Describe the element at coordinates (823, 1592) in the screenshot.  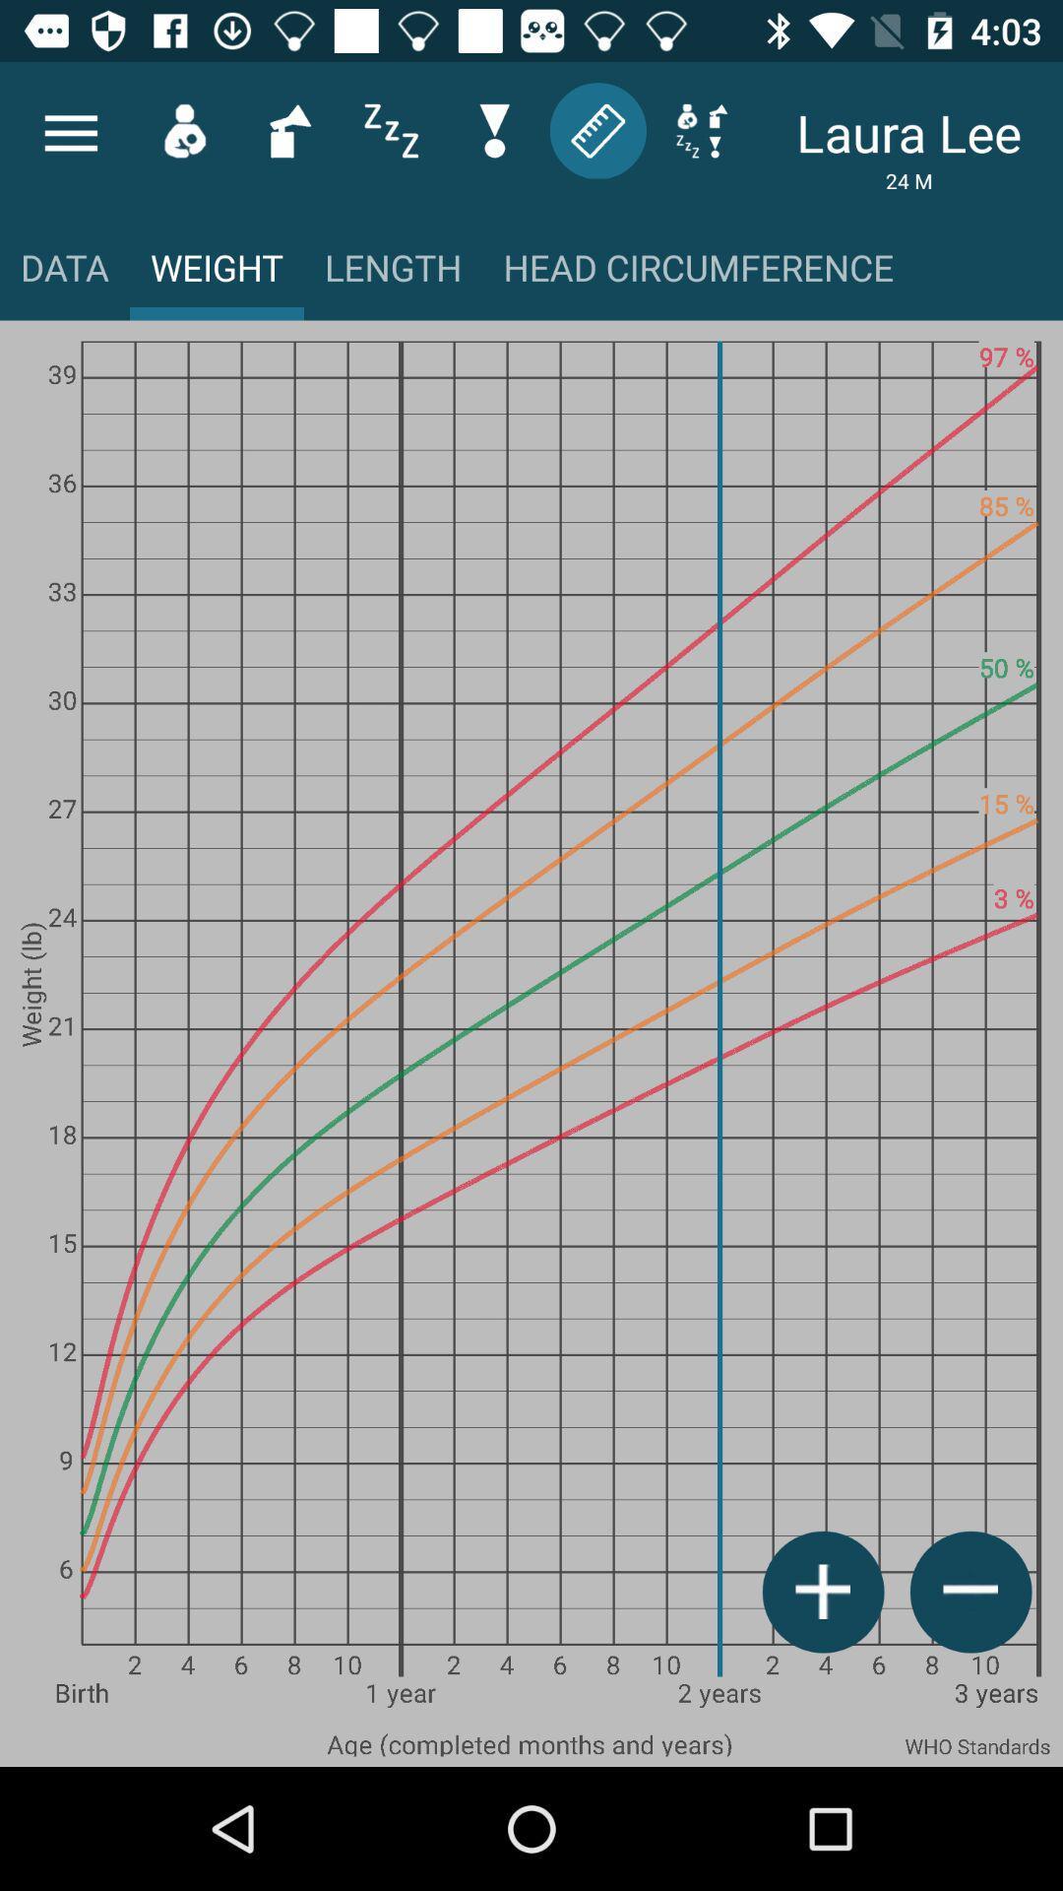
I see `the add icon` at that location.